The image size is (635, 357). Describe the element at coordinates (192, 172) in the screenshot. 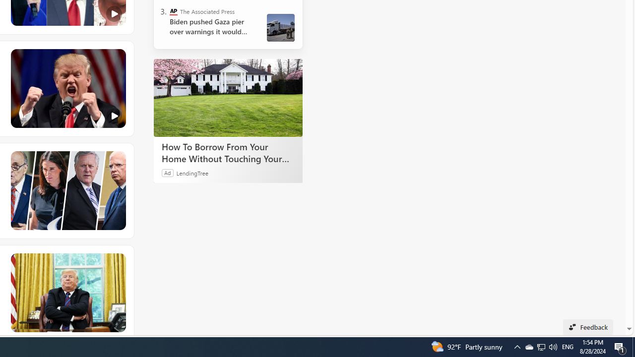

I see `'LendingTree'` at that location.